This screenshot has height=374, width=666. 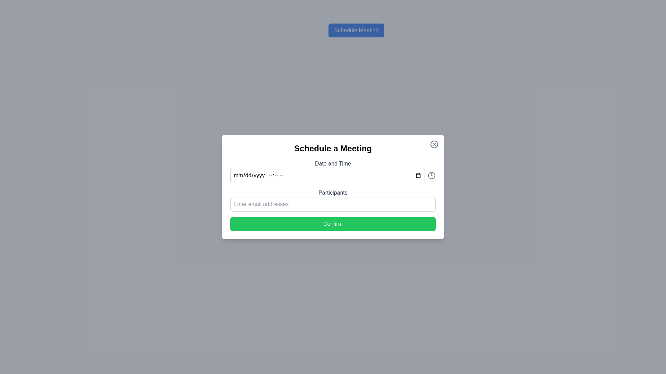 I want to click on the close button located in the top-right corner of the 'Schedule a Meeting' dialog box, so click(x=434, y=144).